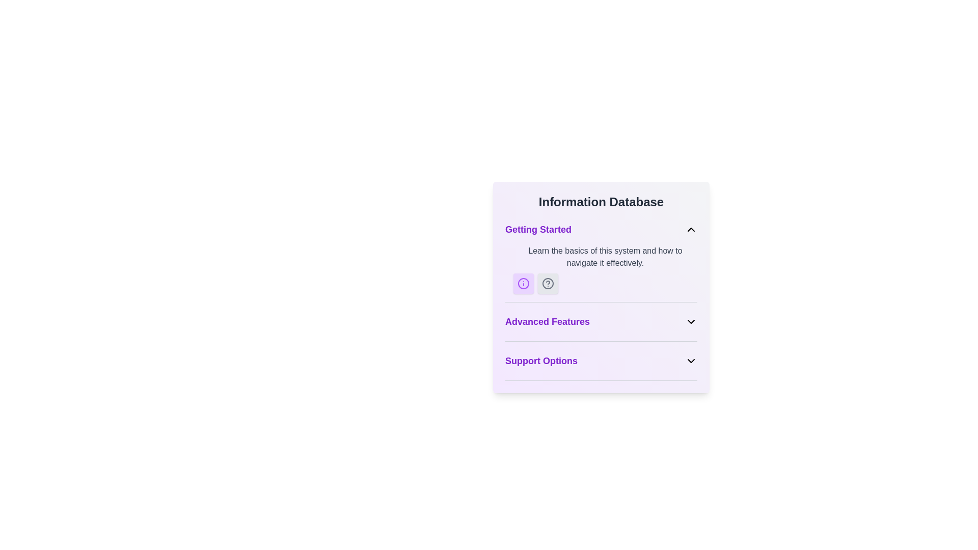  I want to click on the downward chevron icon located on the right side next to the 'Advanced Features' label in the 'Information Database' module, so click(691, 322).